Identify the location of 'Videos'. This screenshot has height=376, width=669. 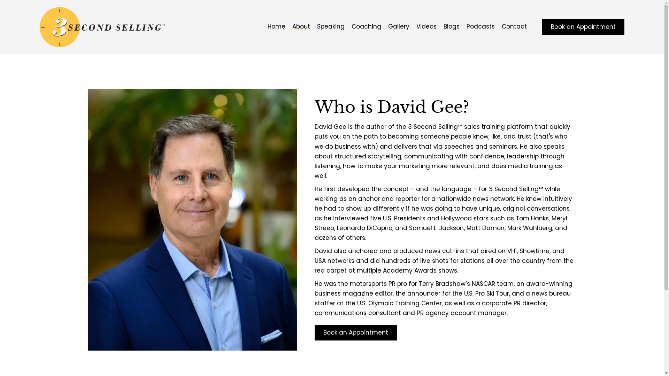
(426, 26).